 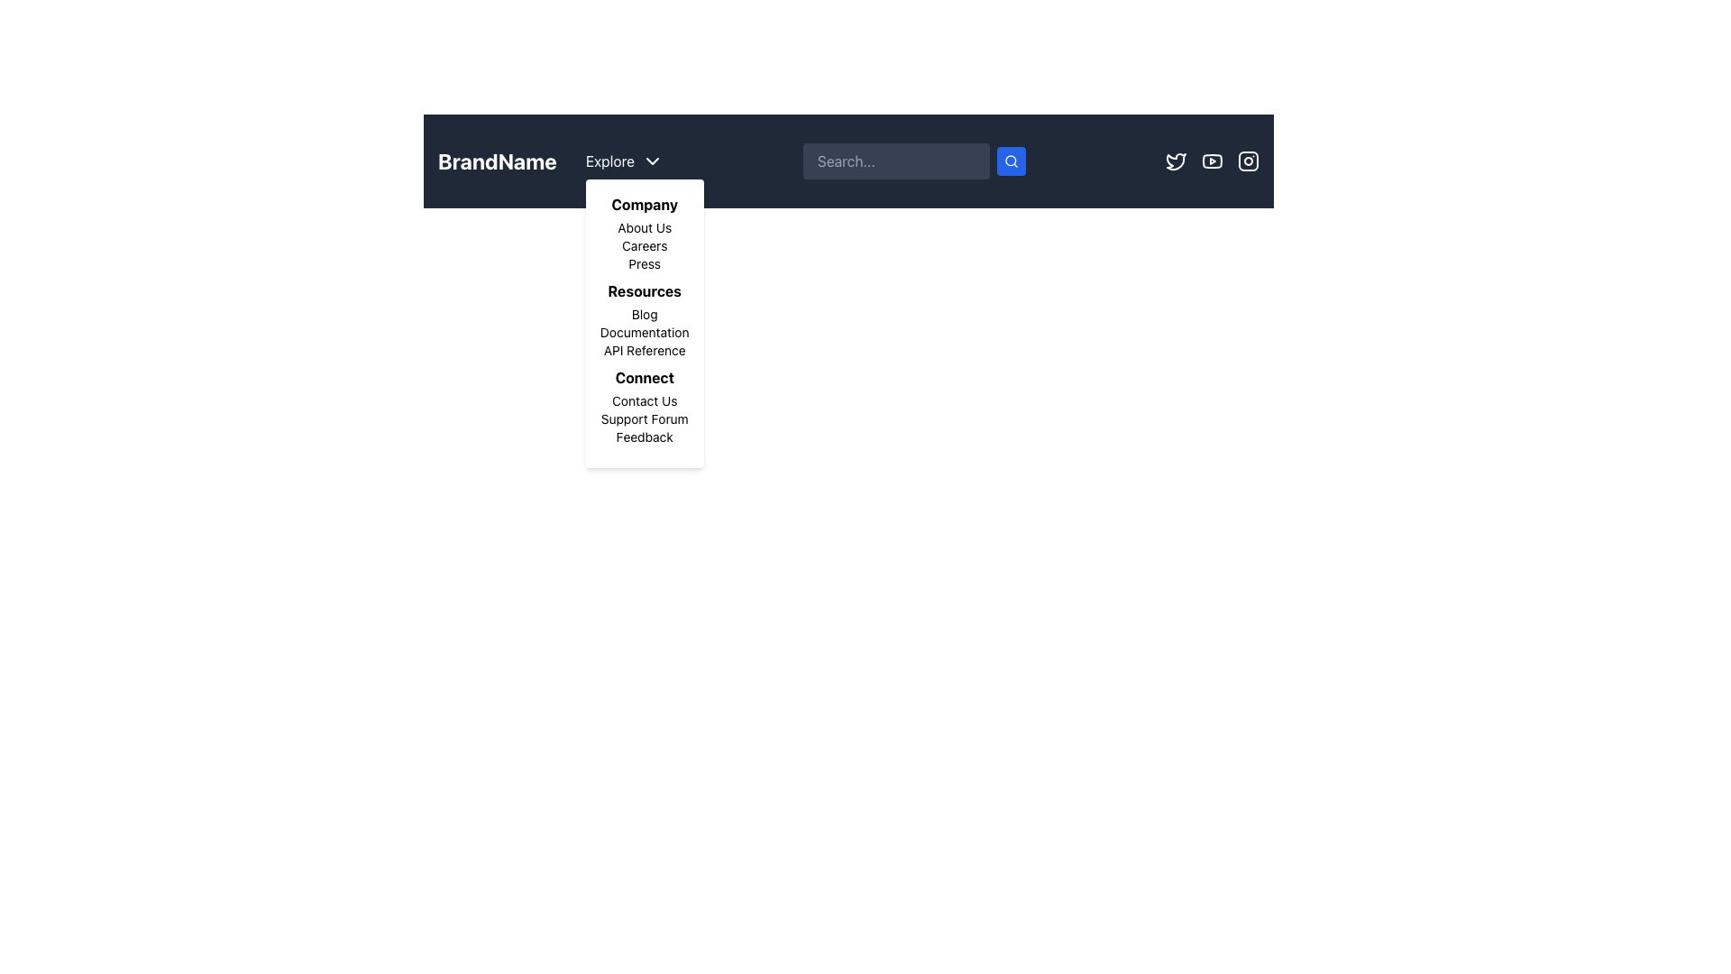 What do you see at coordinates (645, 290) in the screenshot?
I see `text displayed in the bold 'Resources' label located in the dropdown menu under the 'Company' section` at bounding box center [645, 290].